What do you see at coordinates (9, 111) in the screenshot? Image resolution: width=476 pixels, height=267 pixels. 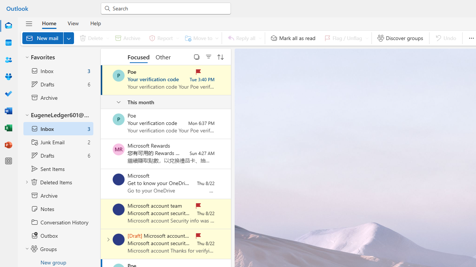 I see `'Word'` at bounding box center [9, 111].